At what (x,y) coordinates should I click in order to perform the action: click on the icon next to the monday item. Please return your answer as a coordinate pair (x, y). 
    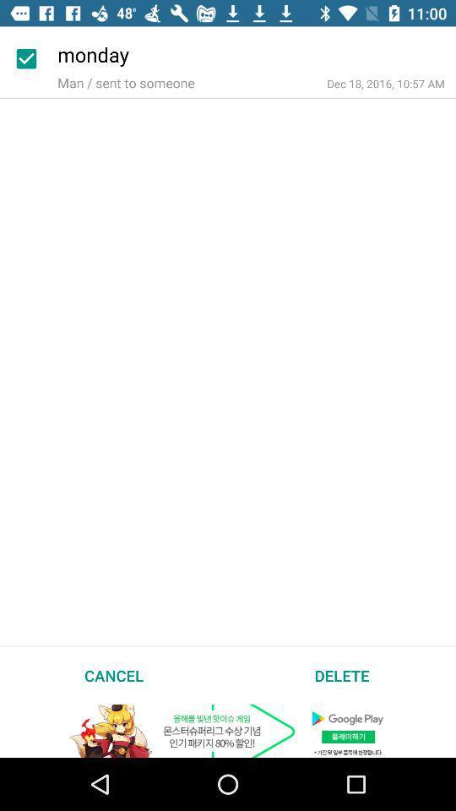
    Looking at the image, I should click on (28, 58).